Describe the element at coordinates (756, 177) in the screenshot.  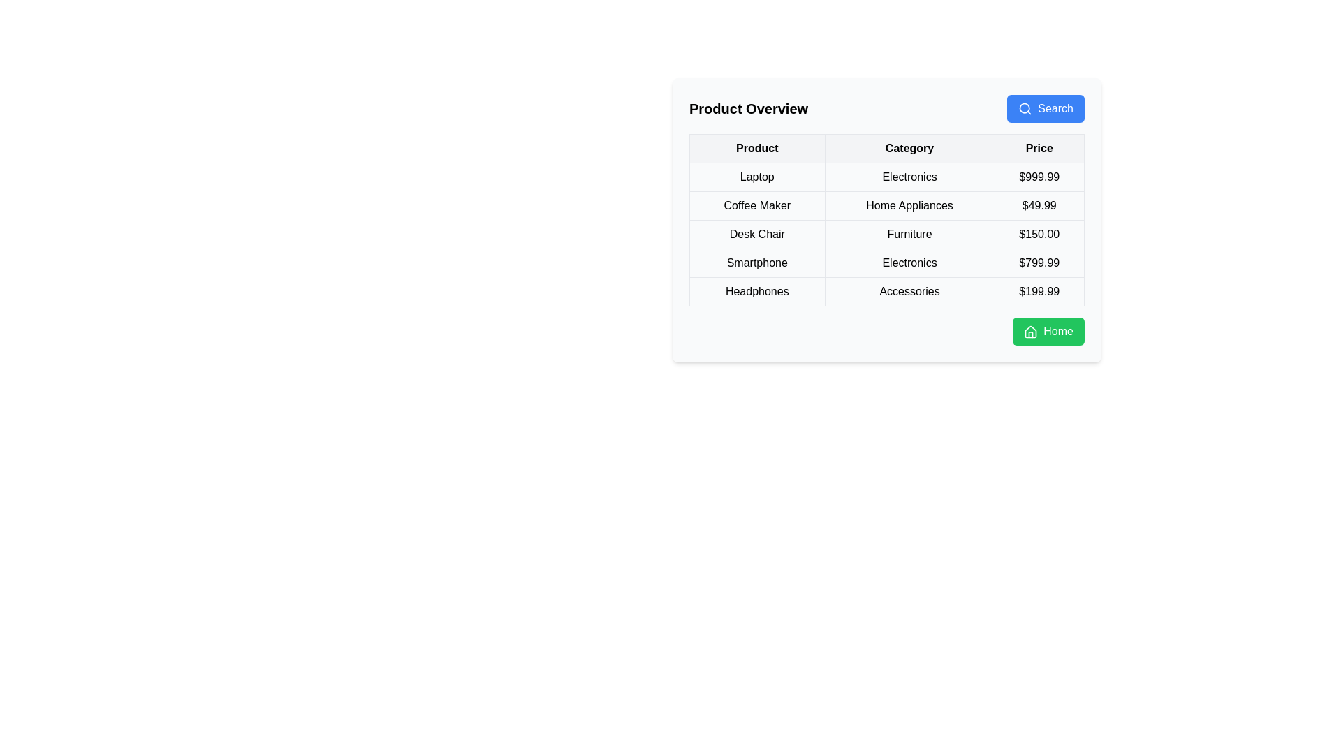
I see `the text label that displays 'Laptop', which is the first element in a product overview table row` at that location.